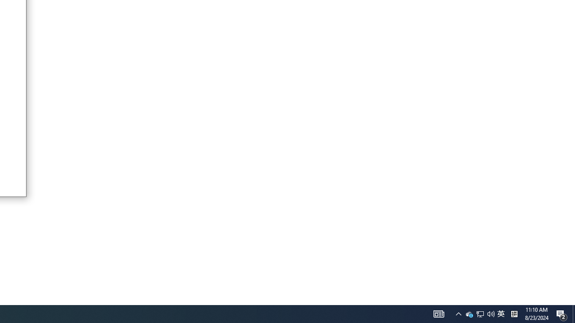 The height and width of the screenshot is (323, 575). Describe the element at coordinates (562, 313) in the screenshot. I see `'Action Center, 2 new notifications'` at that location.